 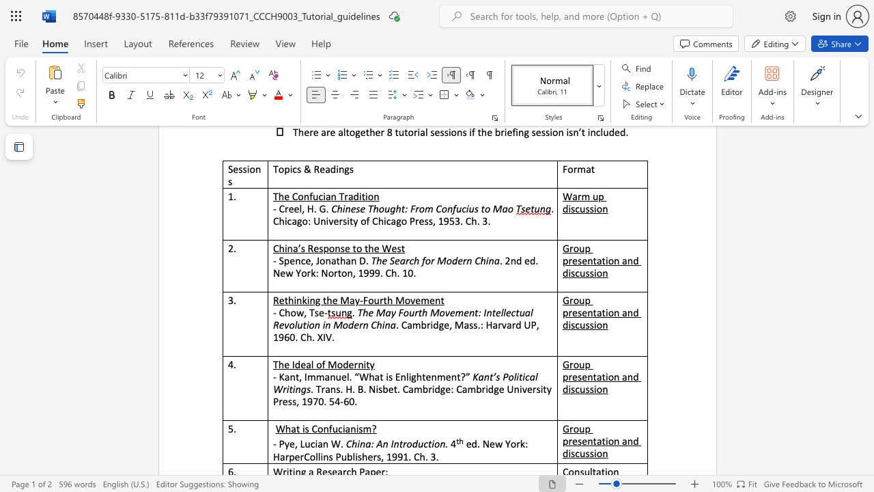 I want to click on the subset text "lectual Revolution in Mo" within the text "The May Fourth Movement: Intellectual Revolution in Modern China", so click(x=503, y=312).